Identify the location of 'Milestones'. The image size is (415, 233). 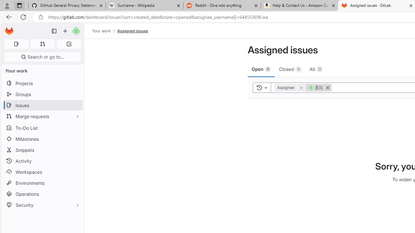
(42, 139).